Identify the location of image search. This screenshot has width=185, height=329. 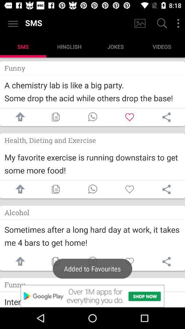
(139, 23).